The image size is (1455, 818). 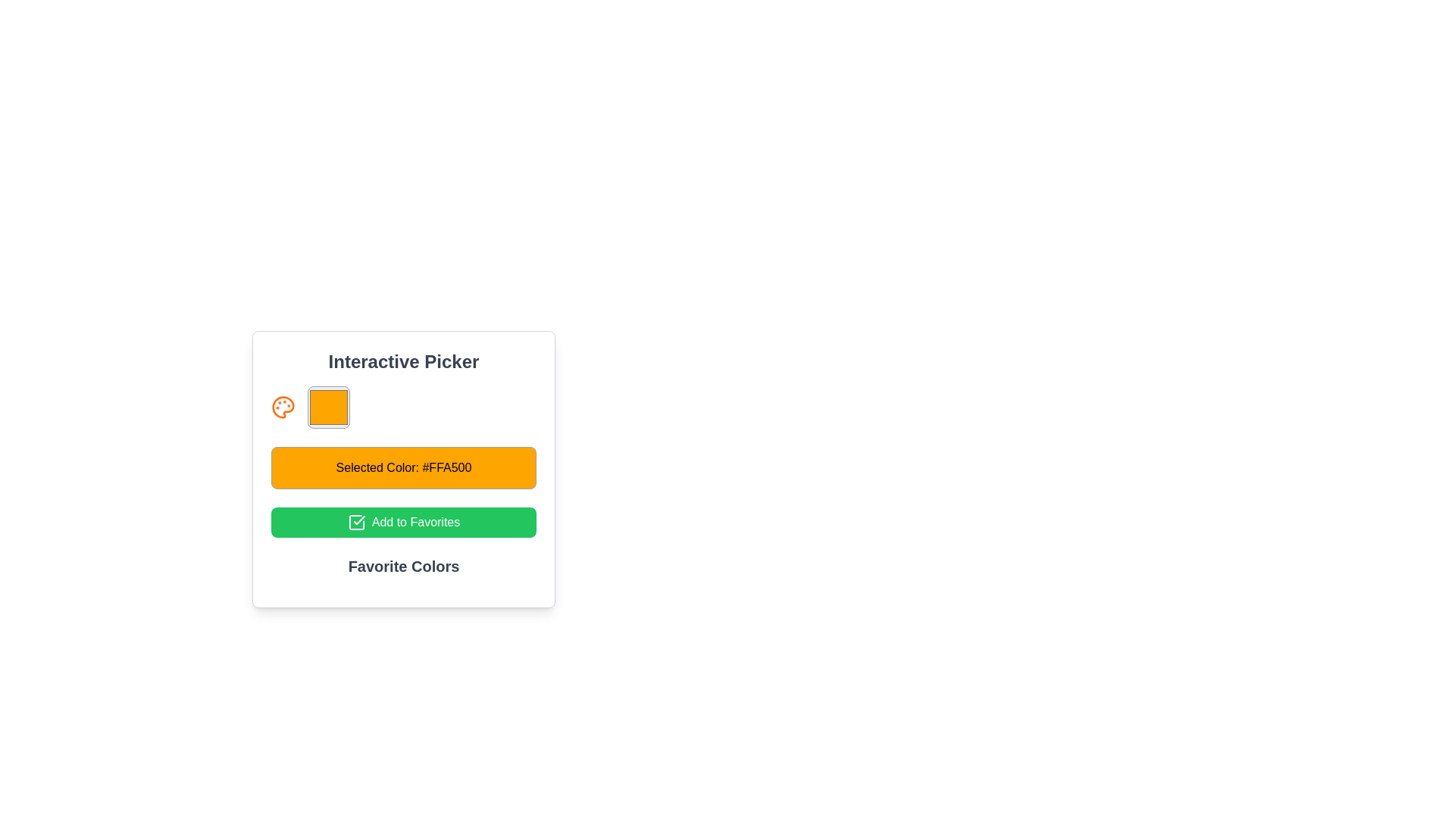 I want to click on the decorative icon representing color selection in the Interactive Picker interface, located to the left of the orange color preview box, so click(x=283, y=406).